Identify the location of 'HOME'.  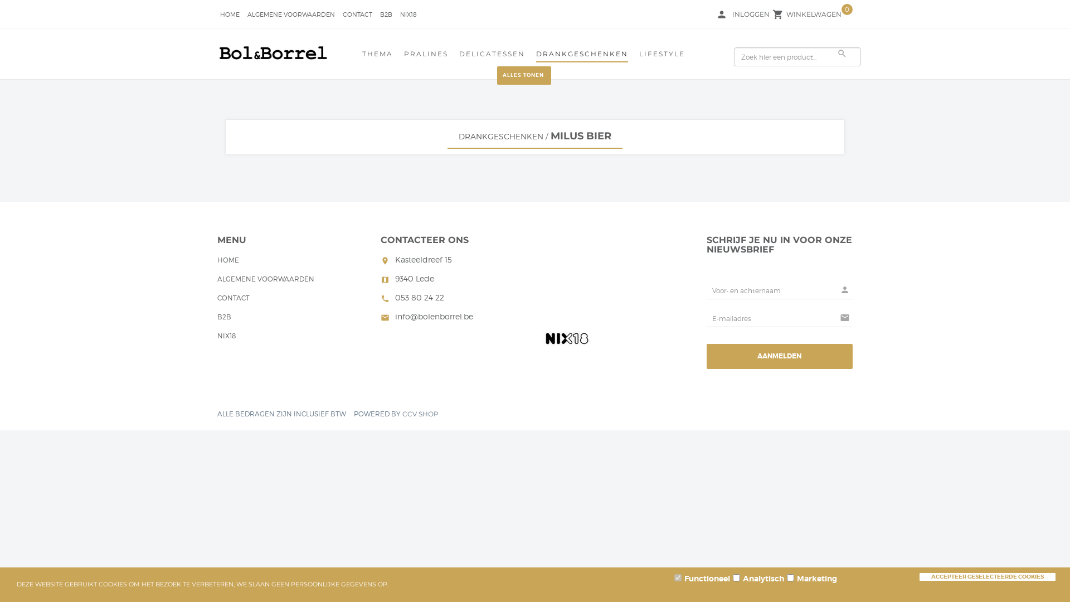
(227, 261).